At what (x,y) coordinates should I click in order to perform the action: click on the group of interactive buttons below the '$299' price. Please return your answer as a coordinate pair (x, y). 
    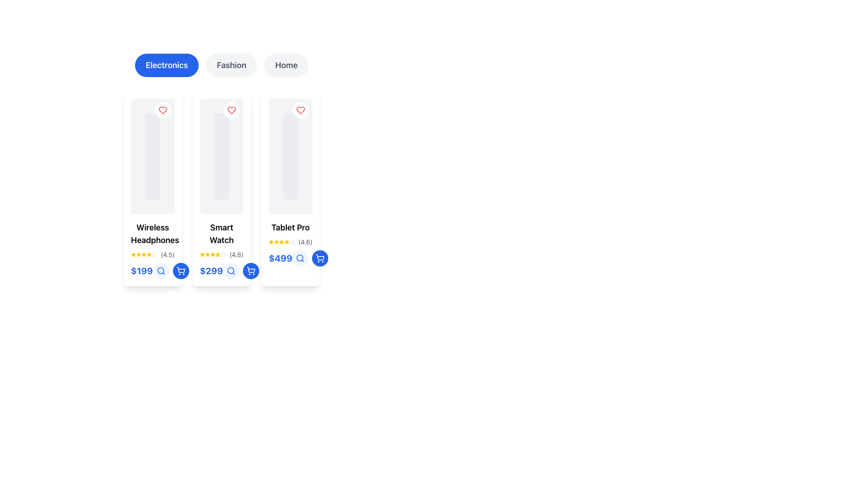
    Looking at the image, I should click on (241, 271).